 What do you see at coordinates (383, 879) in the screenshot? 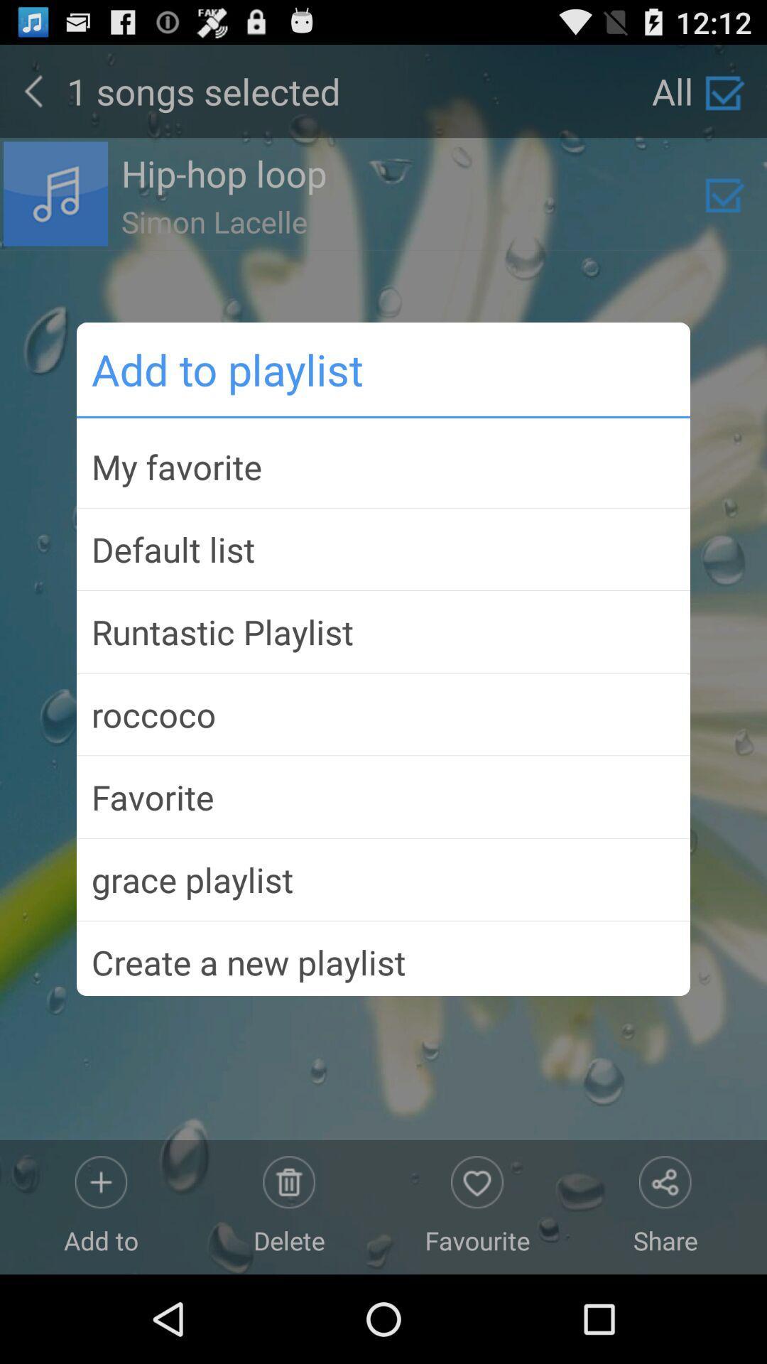
I see `the app above the create a new item` at bounding box center [383, 879].